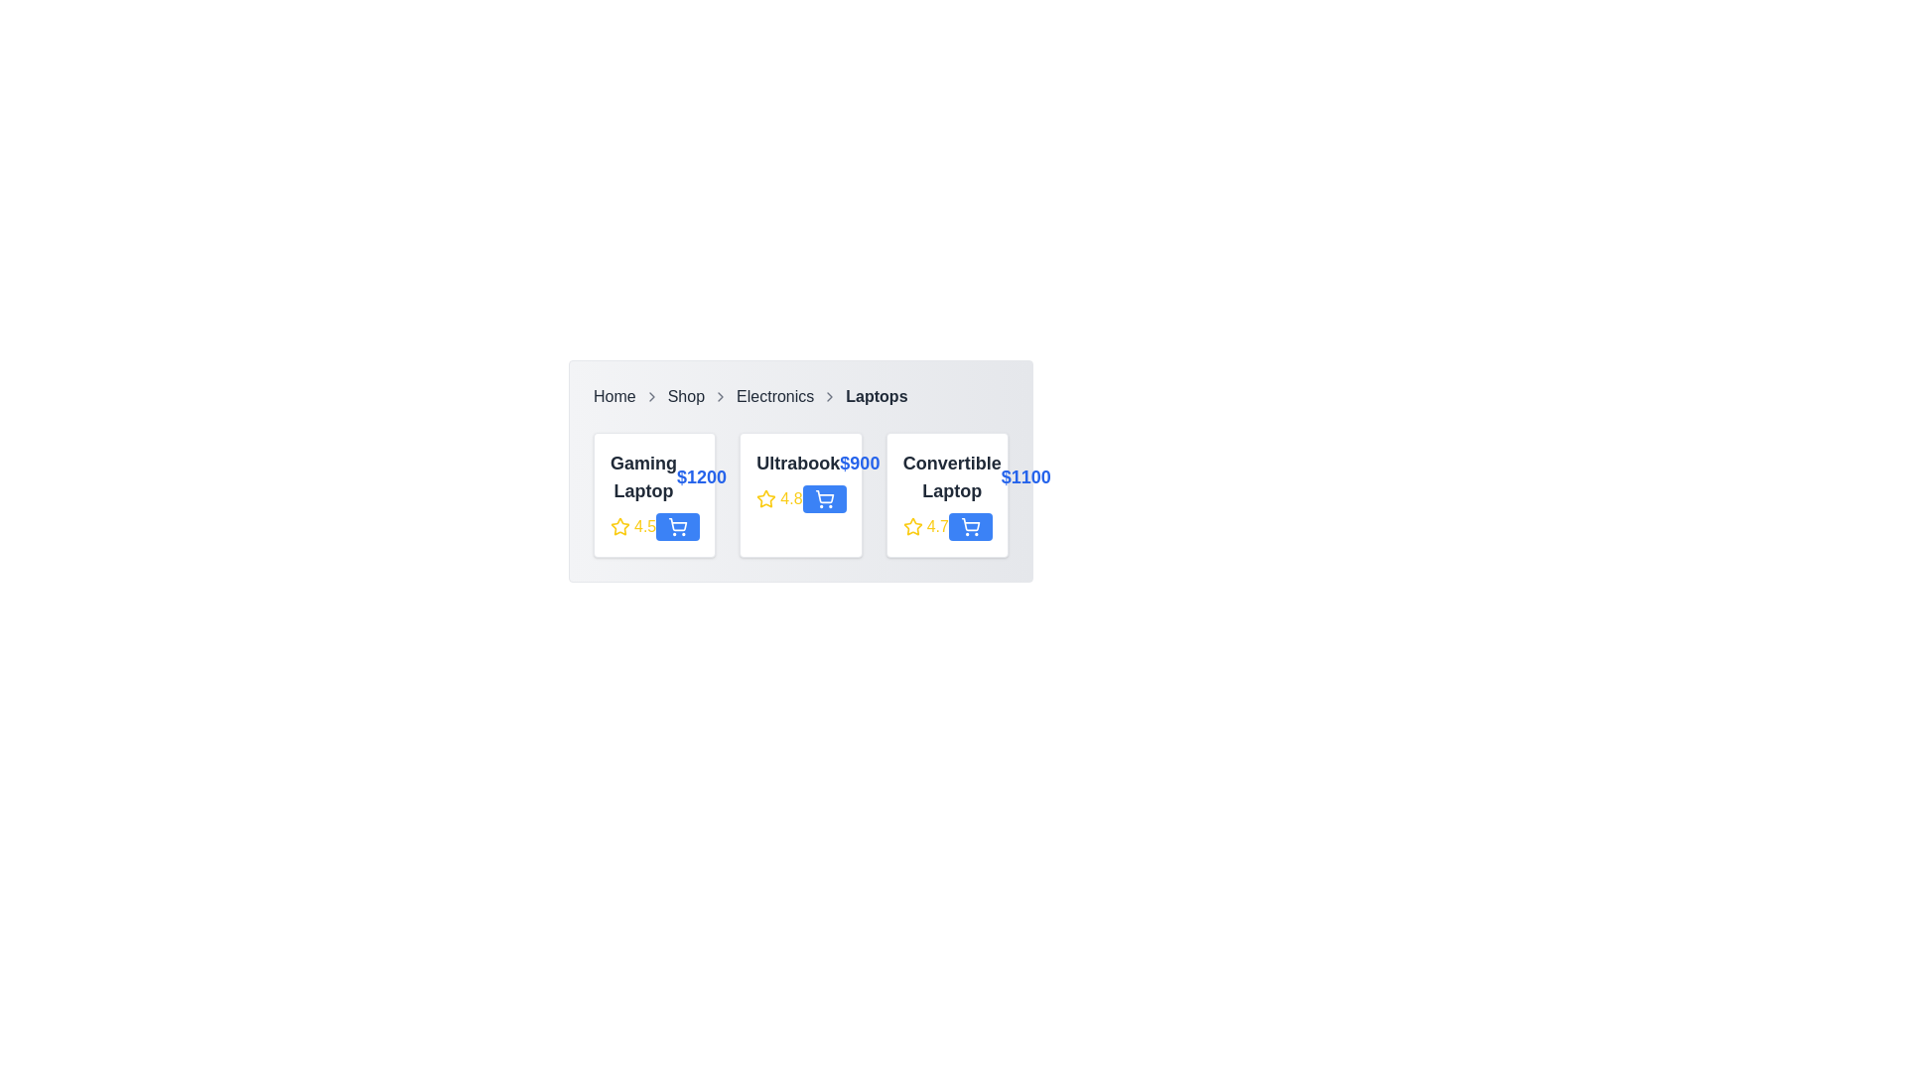 This screenshot has height=1072, width=1906. I want to click on the text label displaying 'Ultrabook', which is prominently styled and located within the middle card of a series of cards, so click(798, 463).